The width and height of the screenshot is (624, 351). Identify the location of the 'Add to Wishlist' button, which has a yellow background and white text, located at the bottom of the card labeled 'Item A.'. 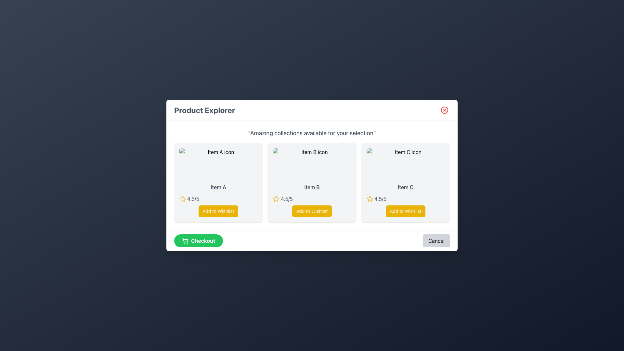
(218, 211).